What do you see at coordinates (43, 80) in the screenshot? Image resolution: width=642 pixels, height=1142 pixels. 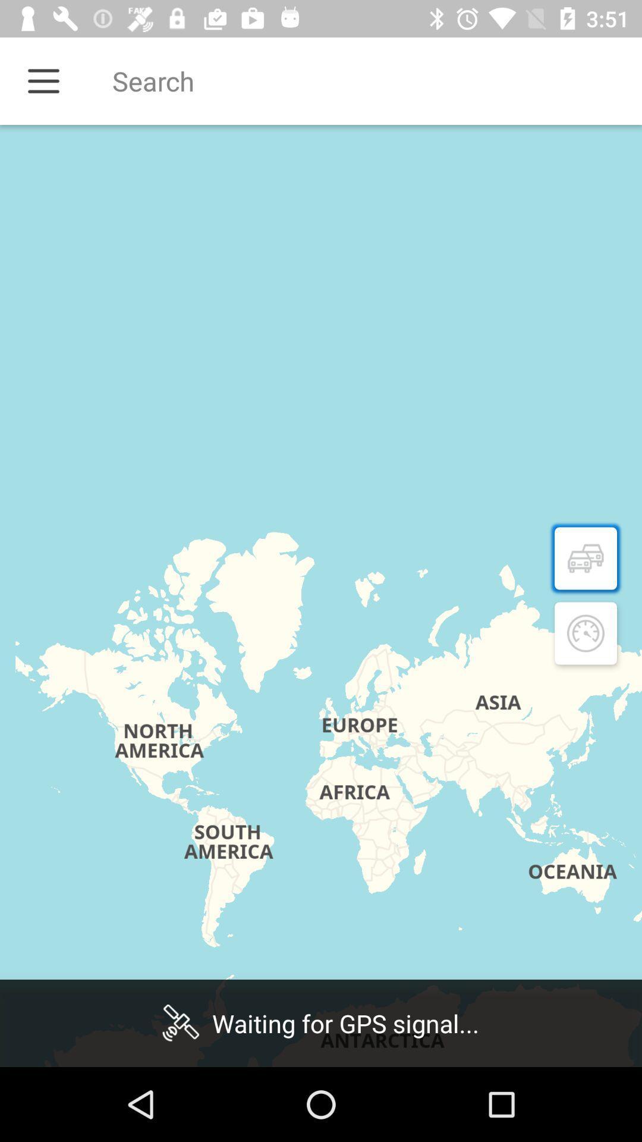 I see `menu option` at bounding box center [43, 80].